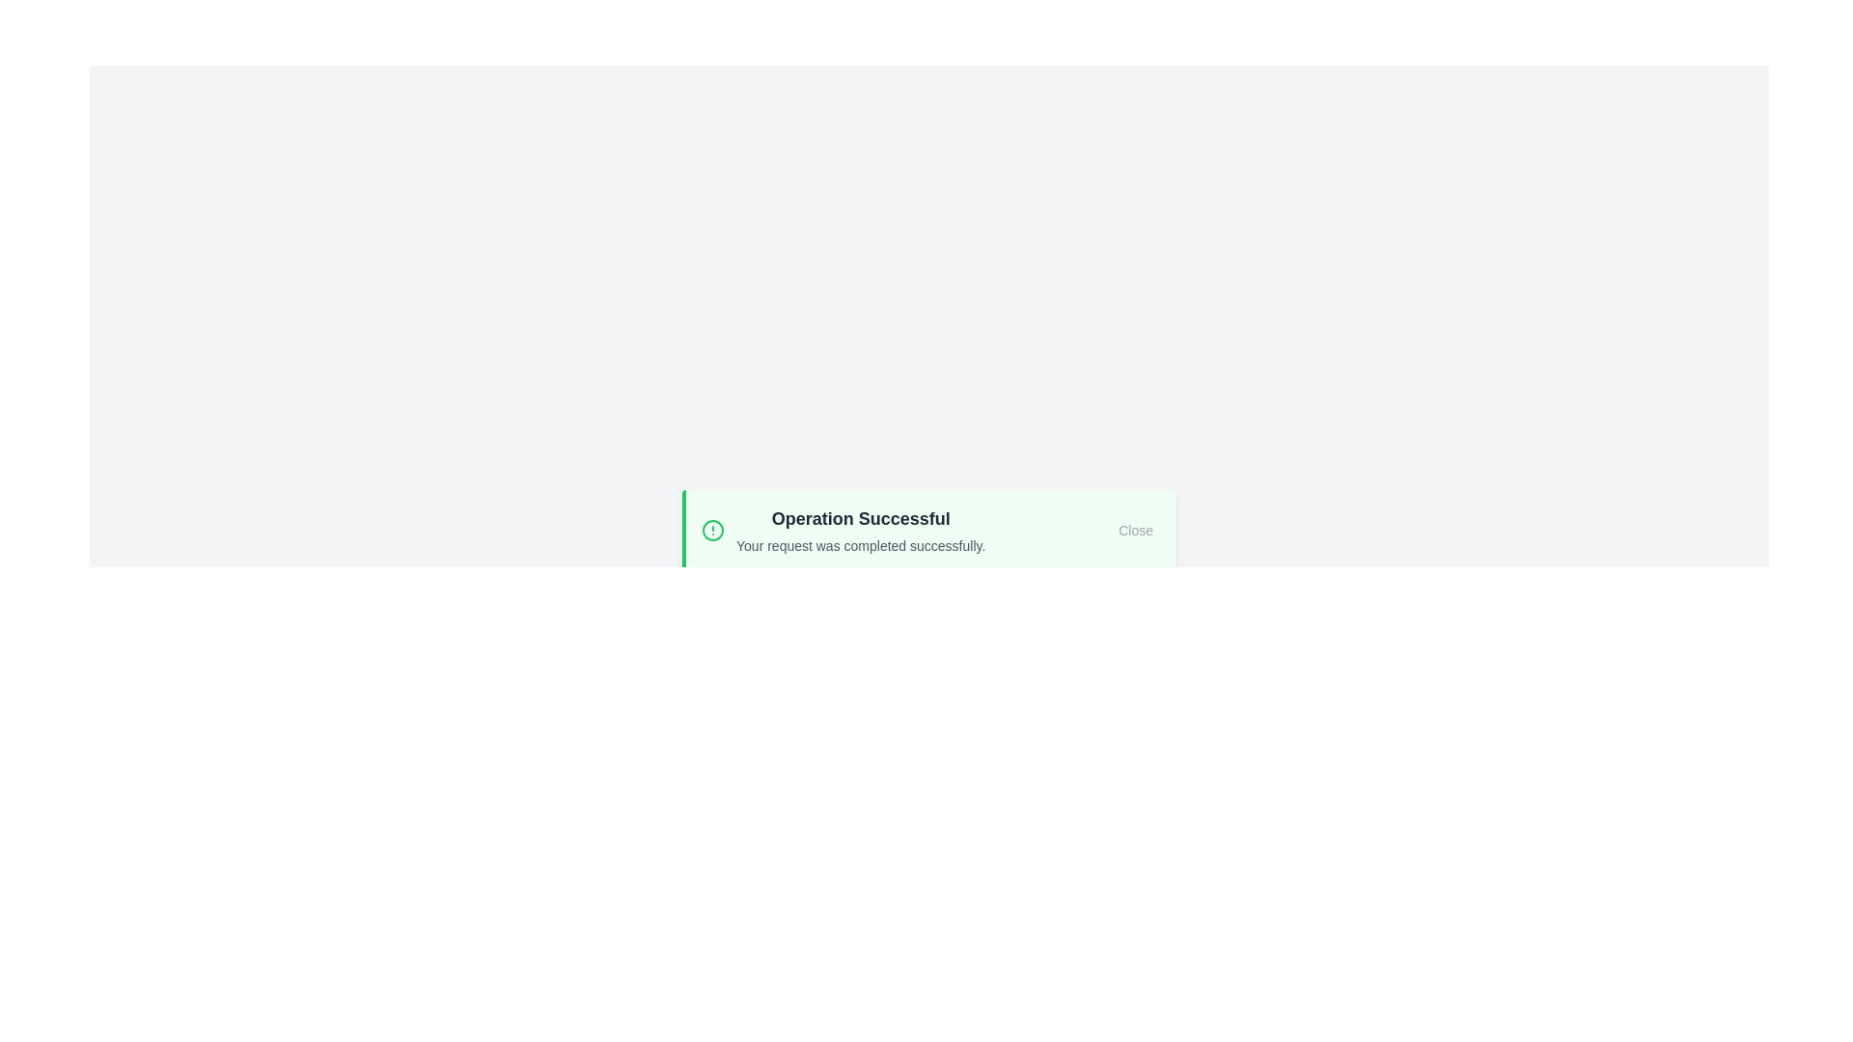  What do you see at coordinates (1135, 531) in the screenshot?
I see `'Close' button to dismiss the alert` at bounding box center [1135, 531].